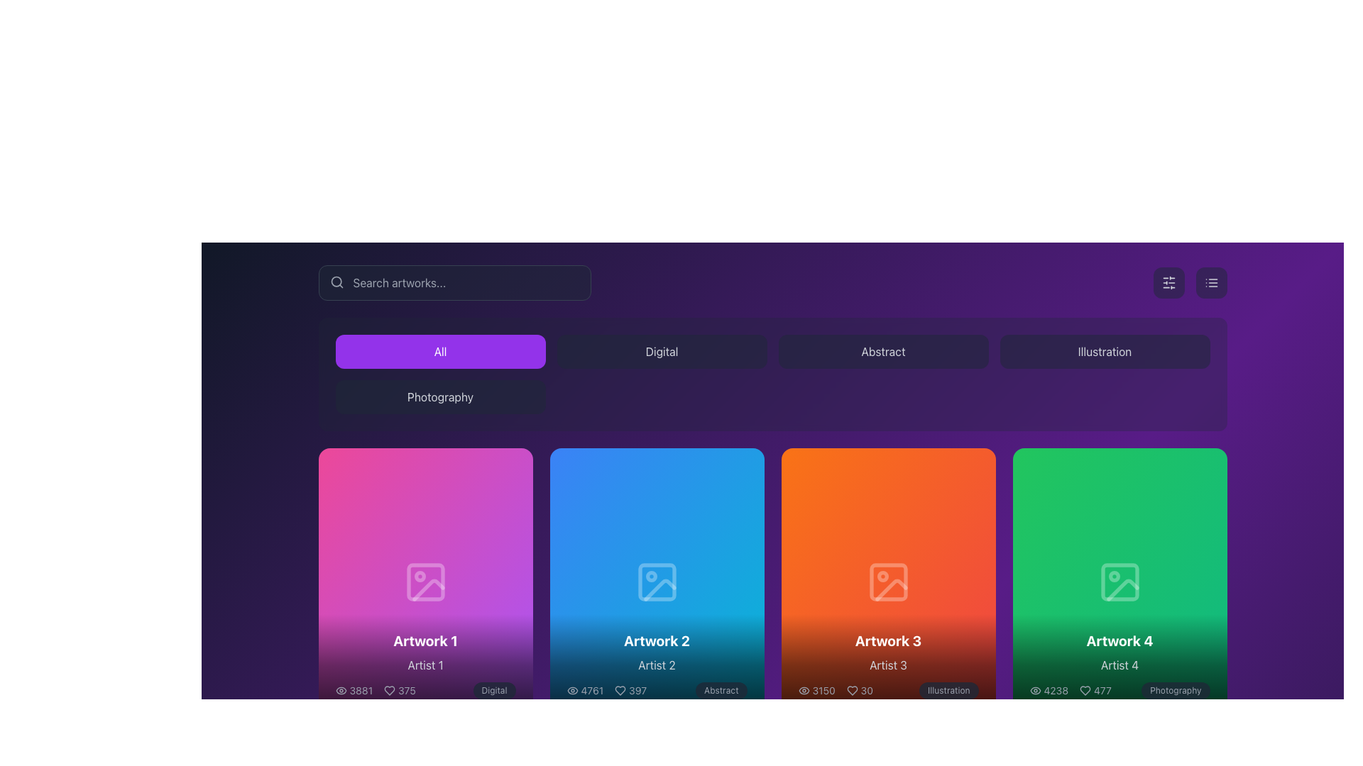 The width and height of the screenshot is (1363, 766). I want to click on the 'Abstract' filter button, so click(882, 351).